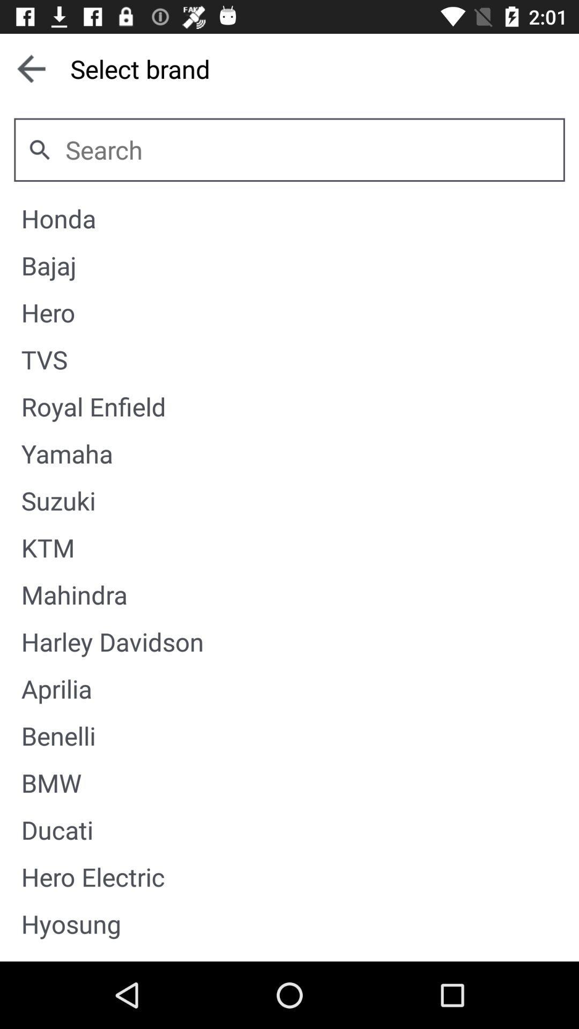  I want to click on the search icon on the web page, so click(39, 149).